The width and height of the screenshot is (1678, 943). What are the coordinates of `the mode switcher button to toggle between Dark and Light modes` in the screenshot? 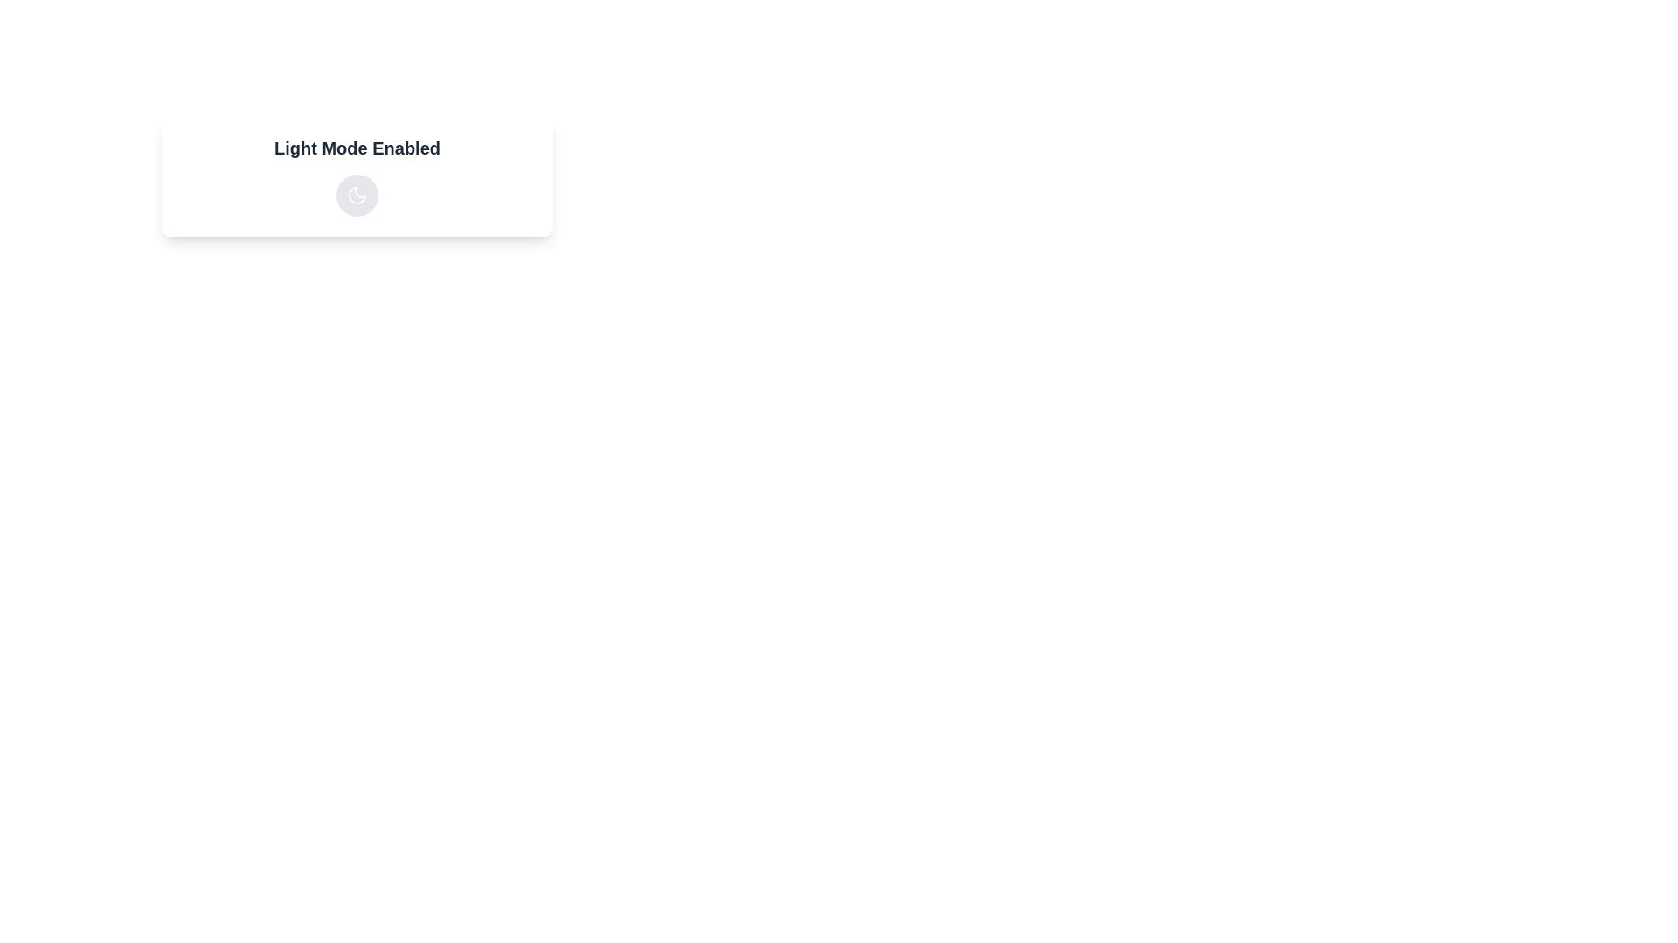 It's located at (356, 195).